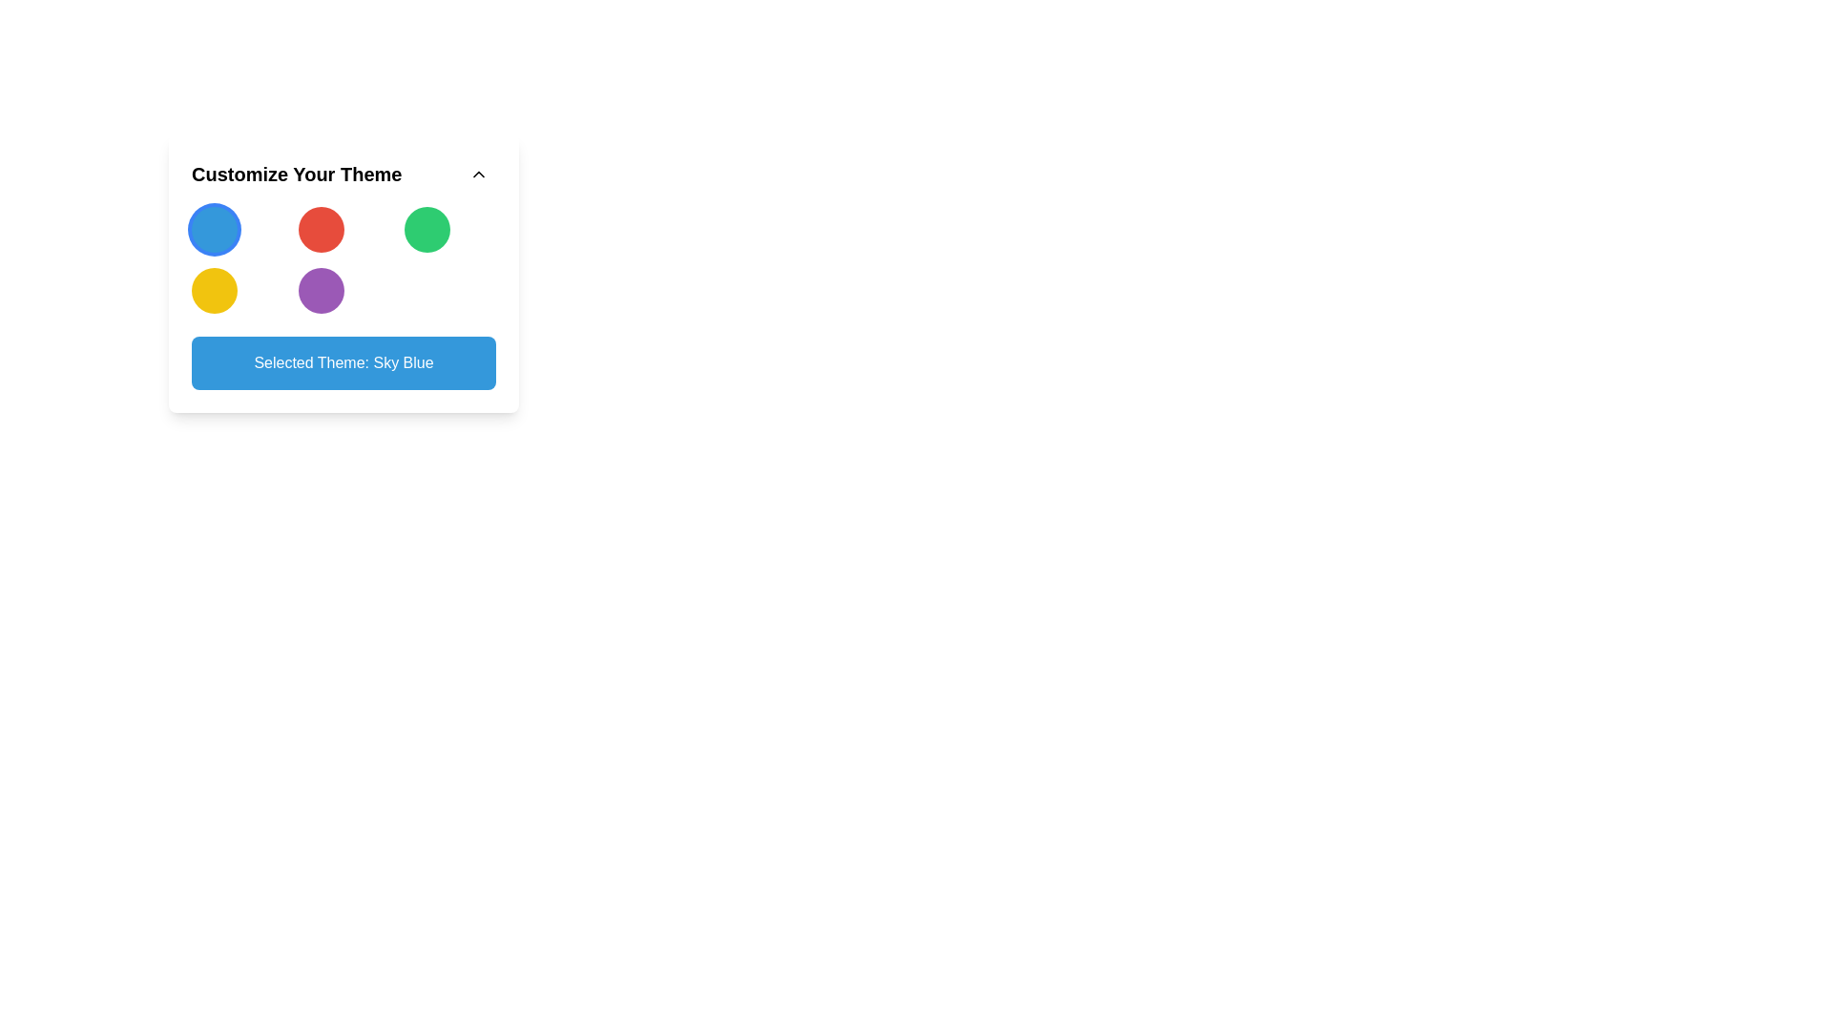 The width and height of the screenshot is (1832, 1030). Describe the element at coordinates (479, 174) in the screenshot. I see `the minimalistic 'chevron-up' icon located` at that location.